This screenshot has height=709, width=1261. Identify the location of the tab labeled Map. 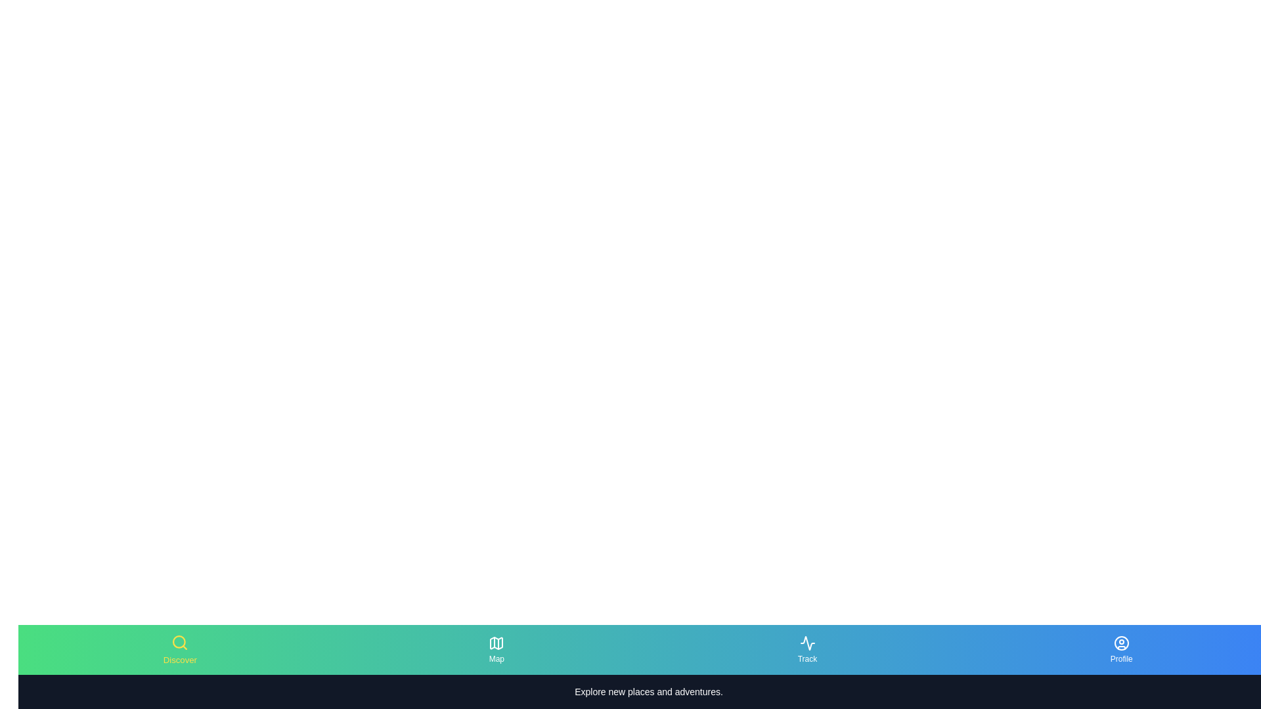
(496, 650).